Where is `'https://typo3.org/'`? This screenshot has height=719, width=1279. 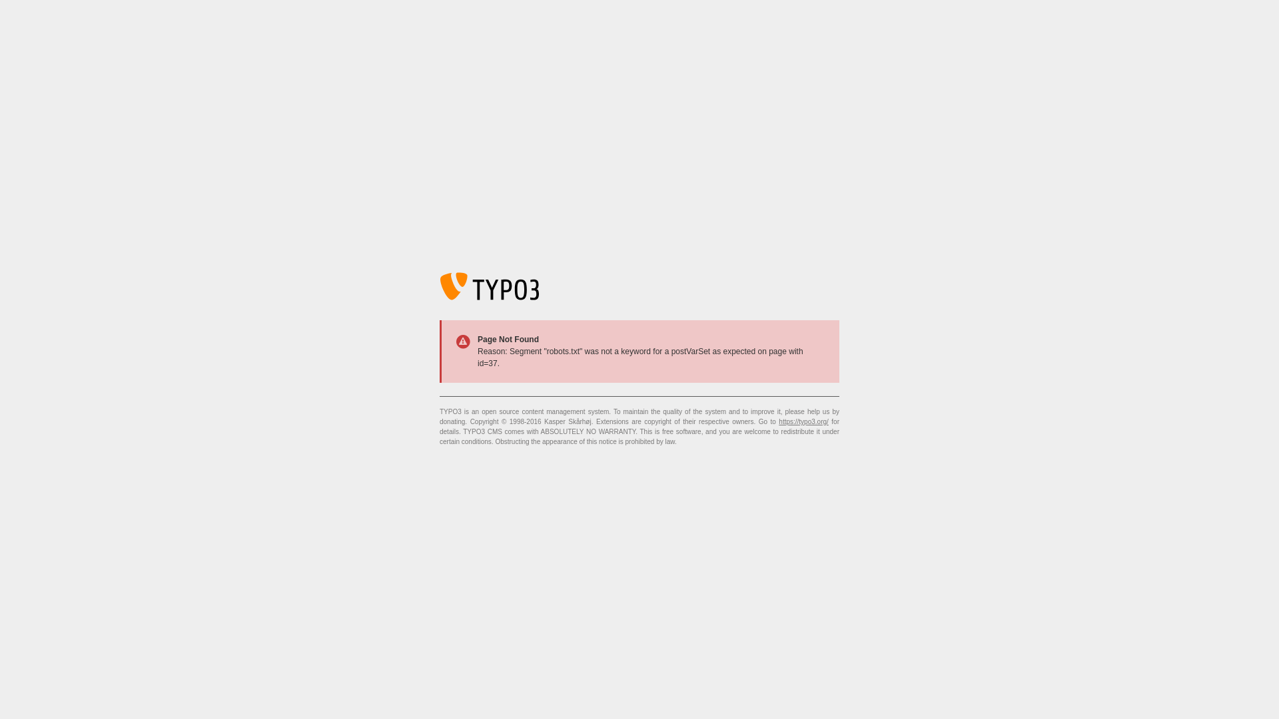
'https://typo3.org/' is located at coordinates (803, 421).